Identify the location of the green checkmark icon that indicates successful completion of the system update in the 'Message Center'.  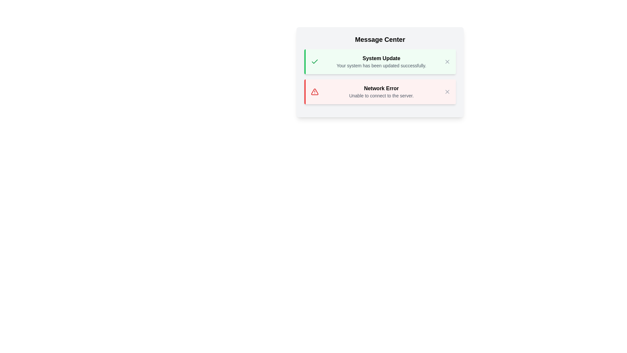
(315, 61).